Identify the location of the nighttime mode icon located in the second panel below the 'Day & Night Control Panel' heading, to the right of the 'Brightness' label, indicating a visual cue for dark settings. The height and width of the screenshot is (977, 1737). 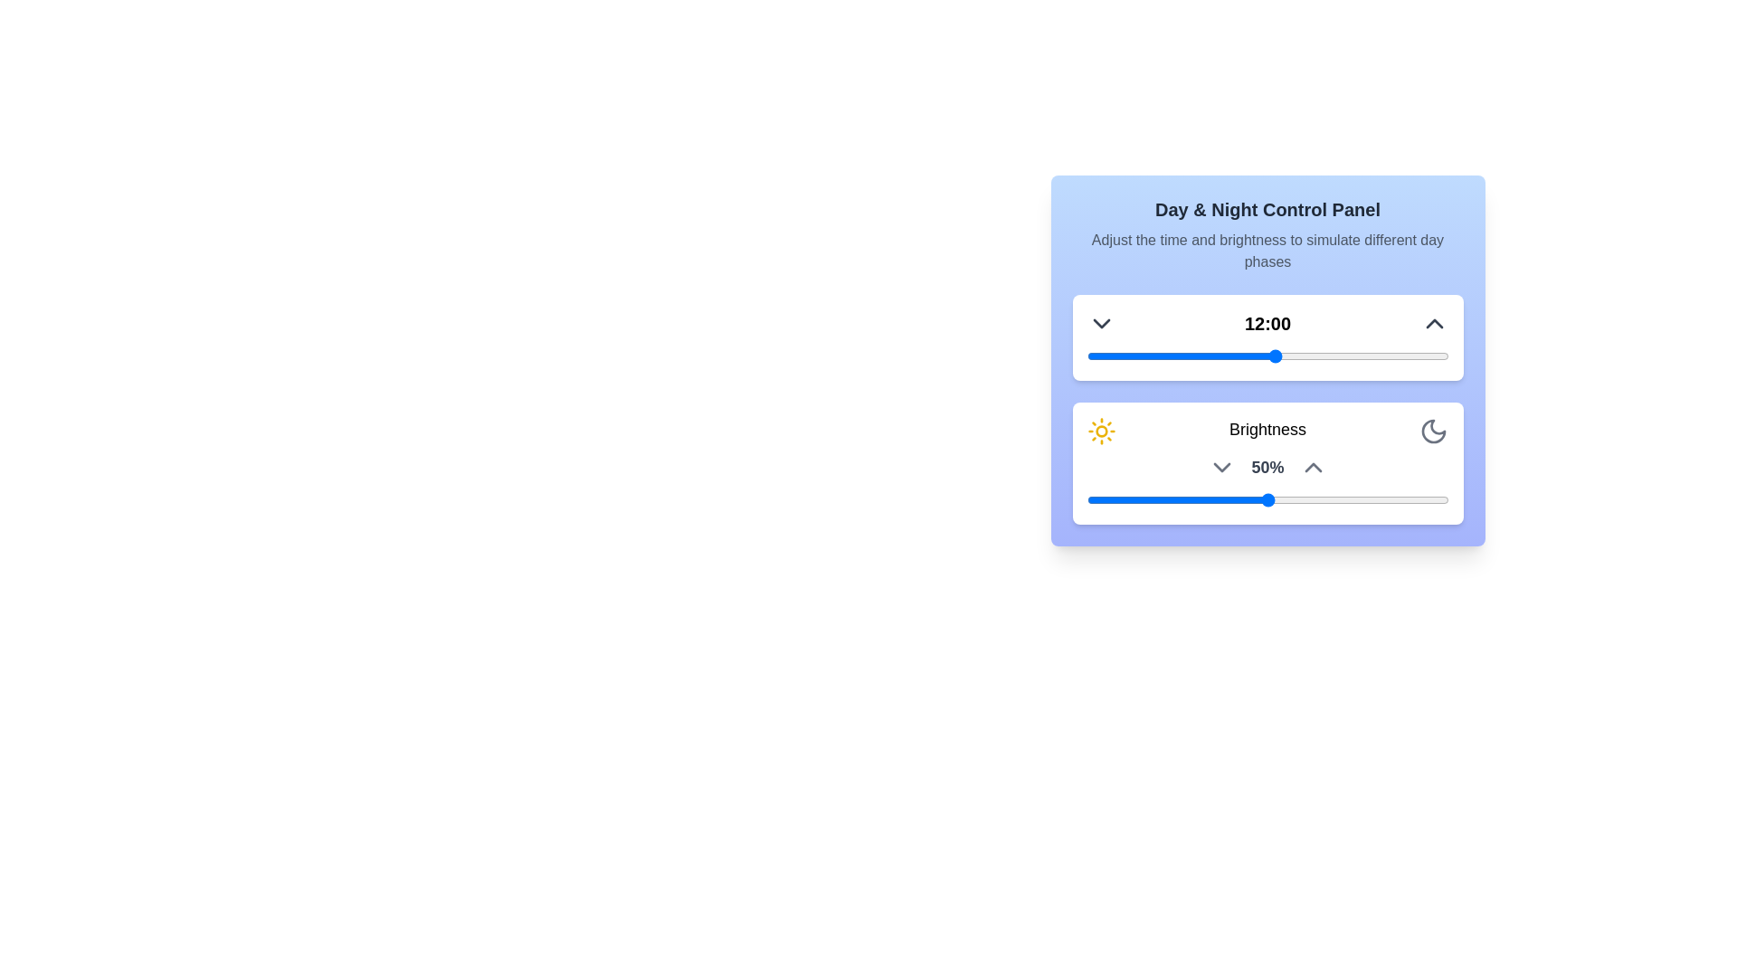
(1433, 432).